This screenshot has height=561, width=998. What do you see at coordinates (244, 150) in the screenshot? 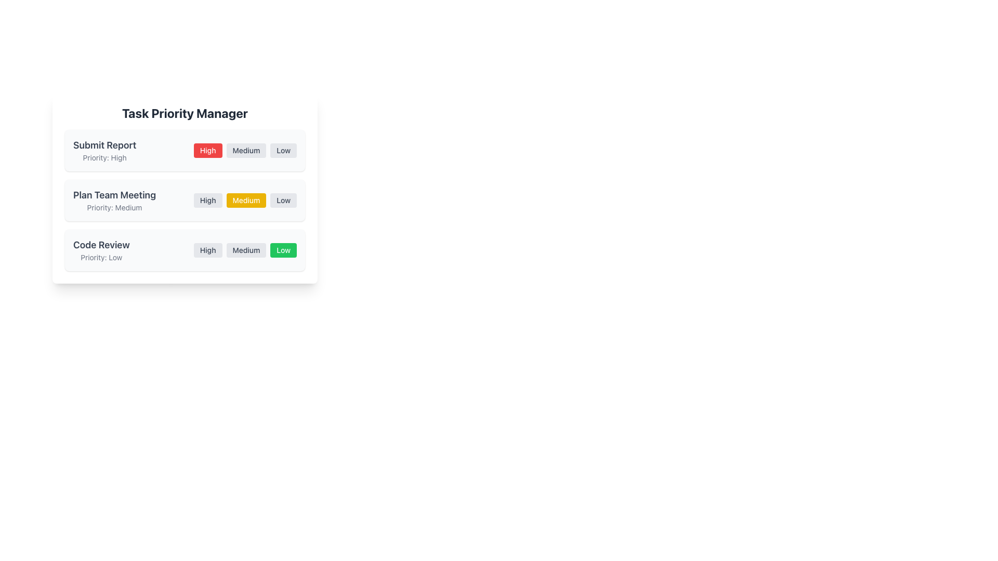
I see `the 'Medium' button in the priority selection button group located under the 'Submit Report' heading` at bounding box center [244, 150].